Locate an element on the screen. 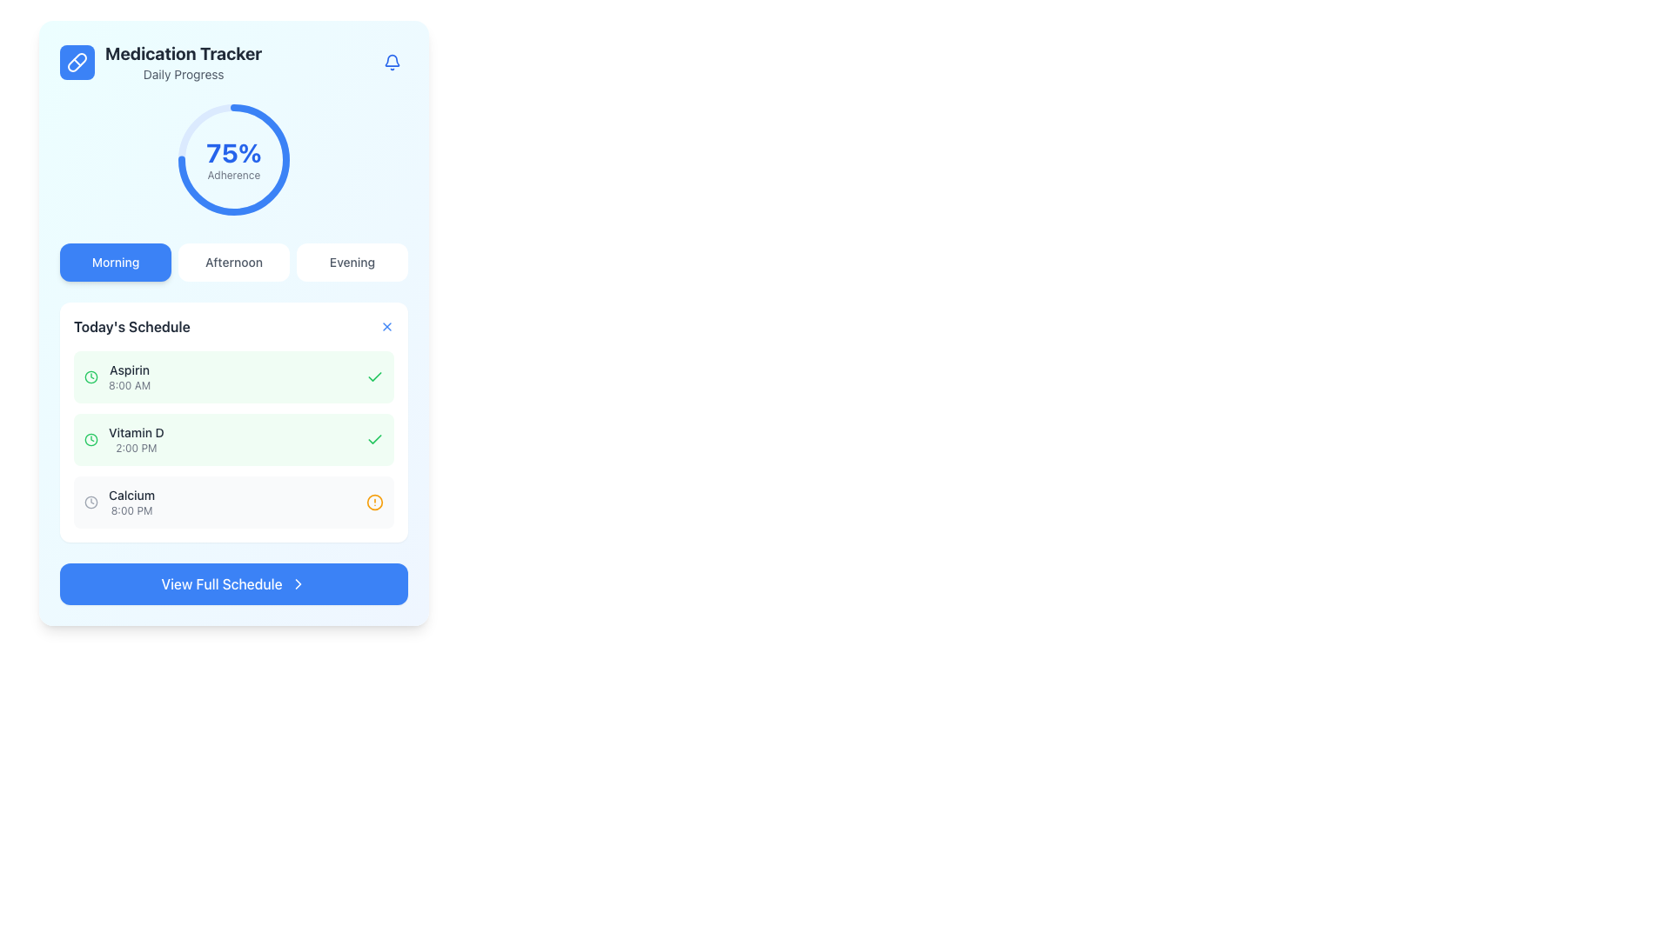 This screenshot has height=939, width=1671. the blue bell-shaped icon button located in the top-right corner of the 'Medication Tracker' header is located at coordinates (392, 62).